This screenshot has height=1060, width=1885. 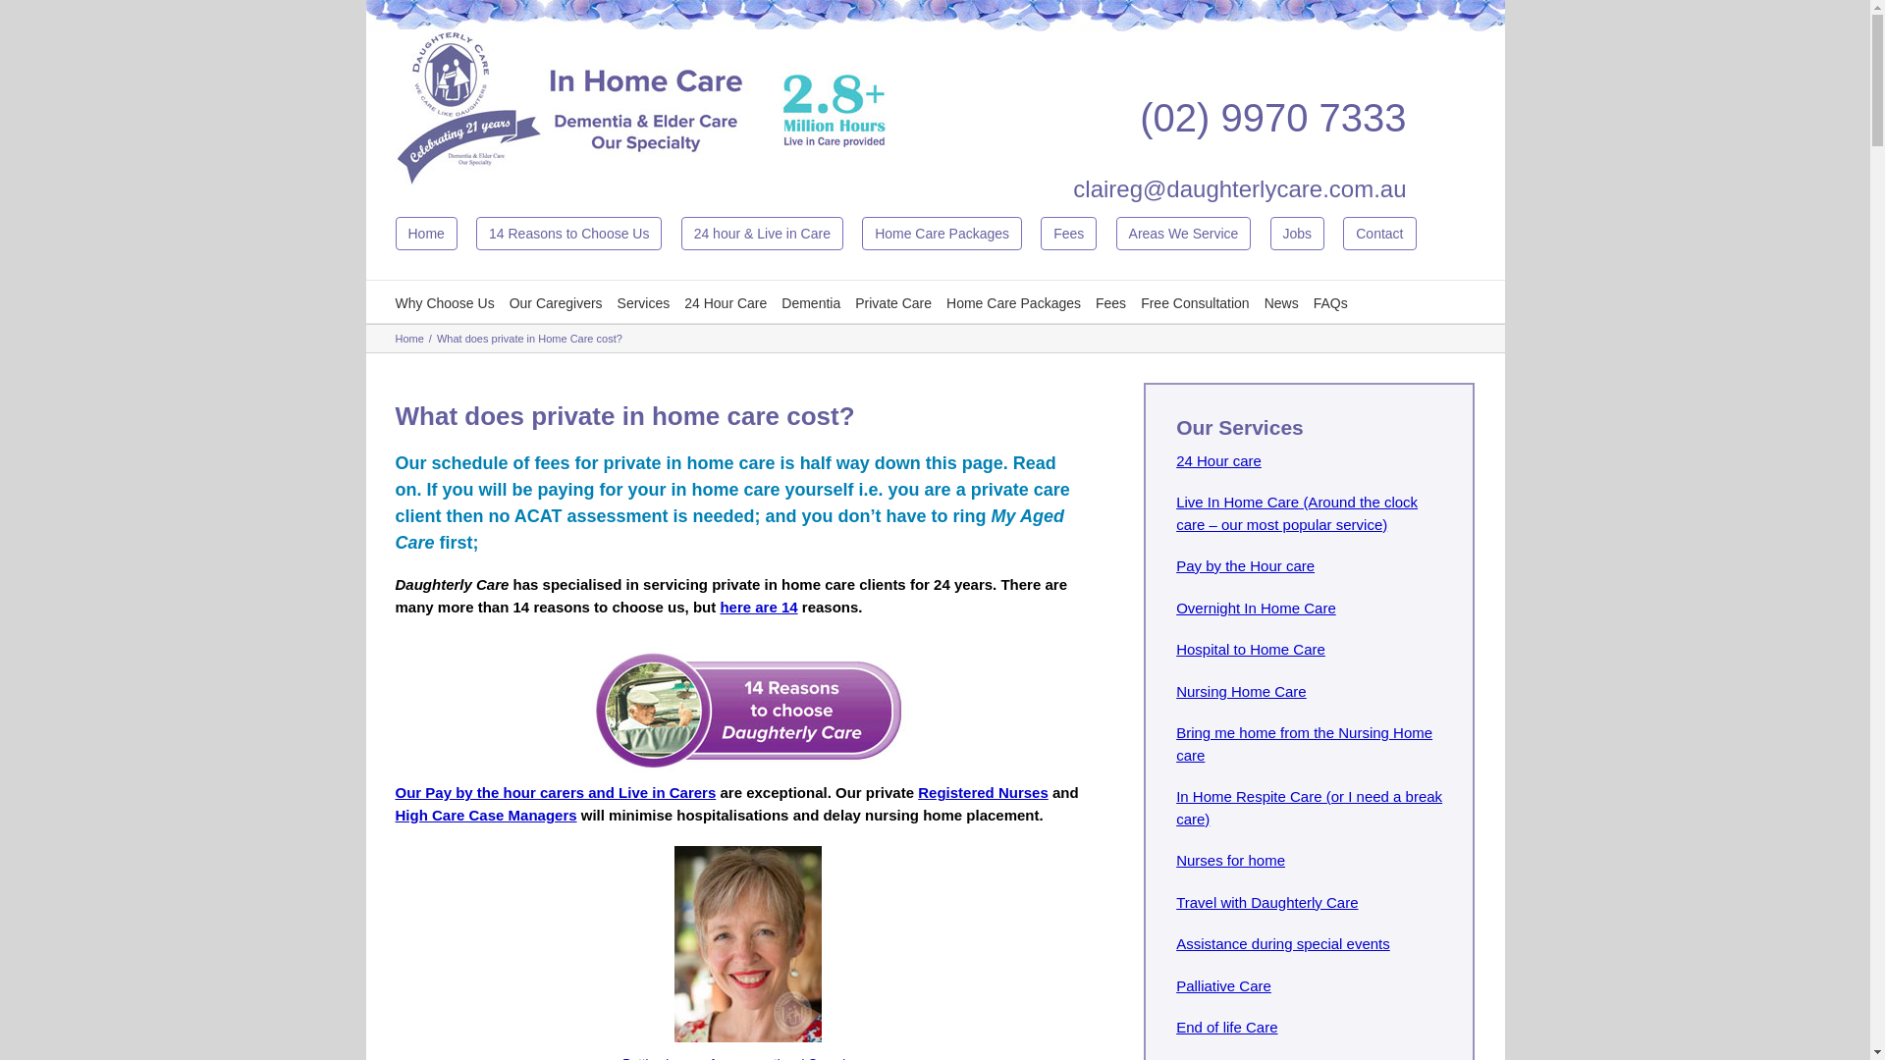 What do you see at coordinates (1238, 188) in the screenshot?
I see `'claireg@daughterlycare.com.au'` at bounding box center [1238, 188].